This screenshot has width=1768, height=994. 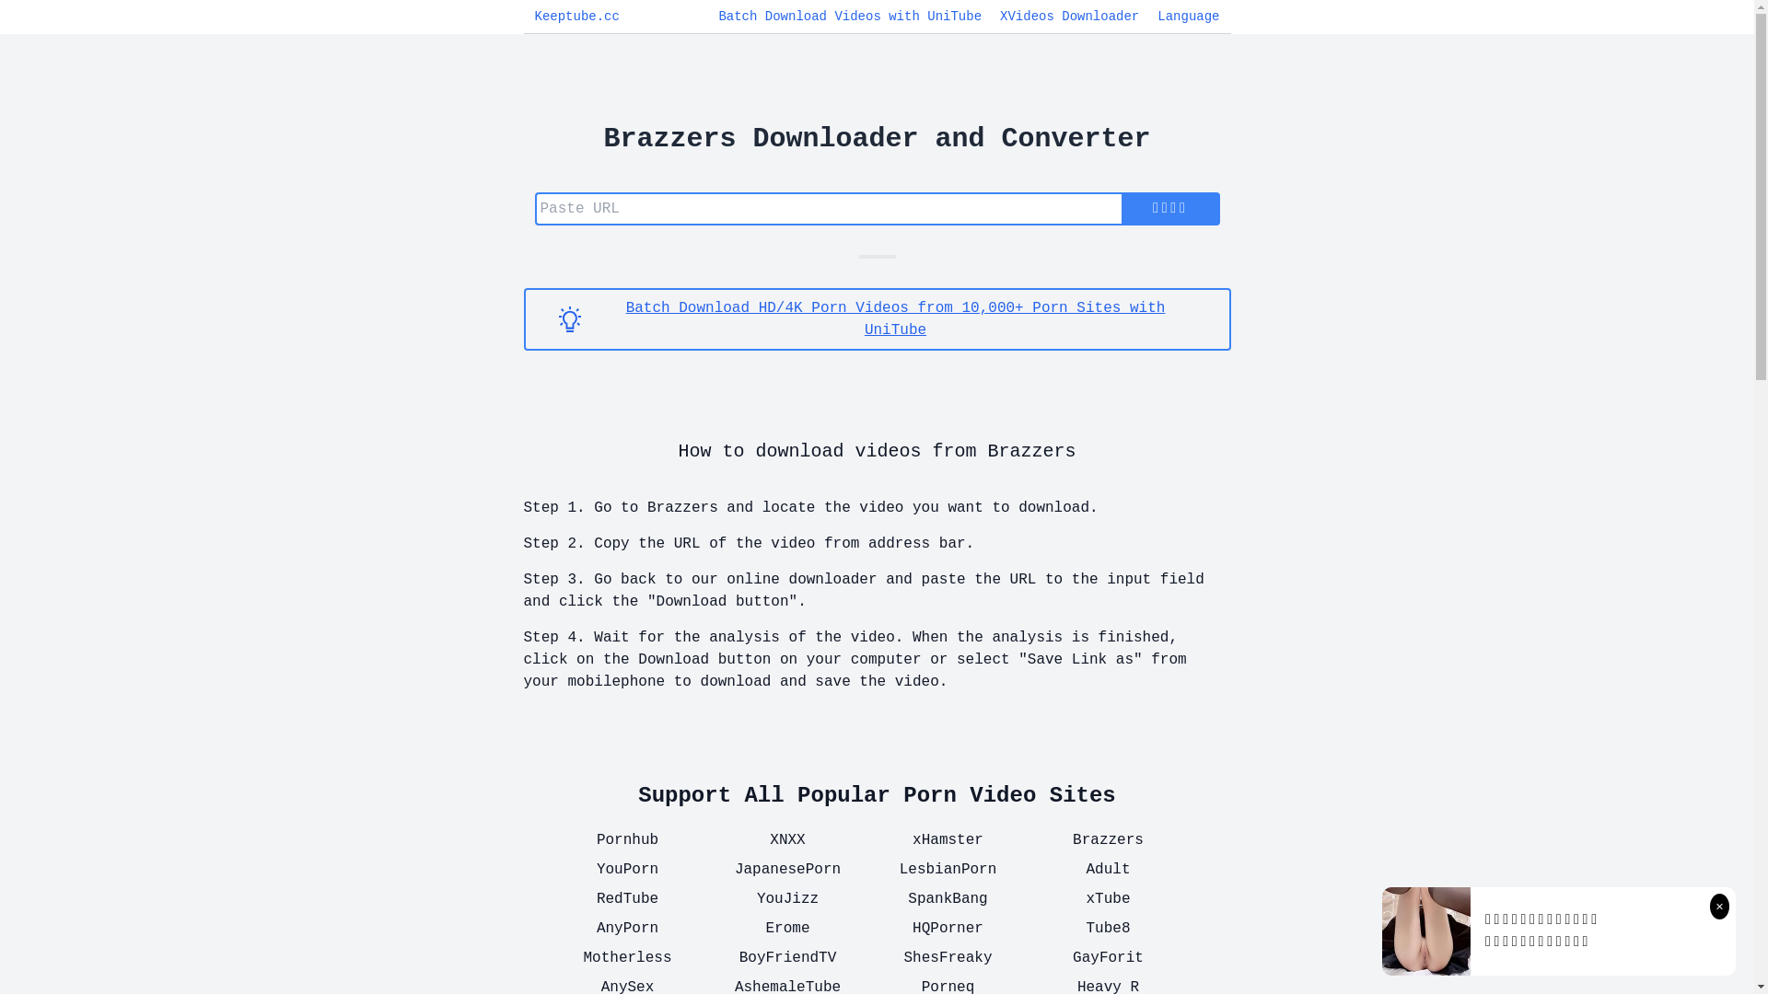 I want to click on 'HQPorner', so click(x=947, y=929).